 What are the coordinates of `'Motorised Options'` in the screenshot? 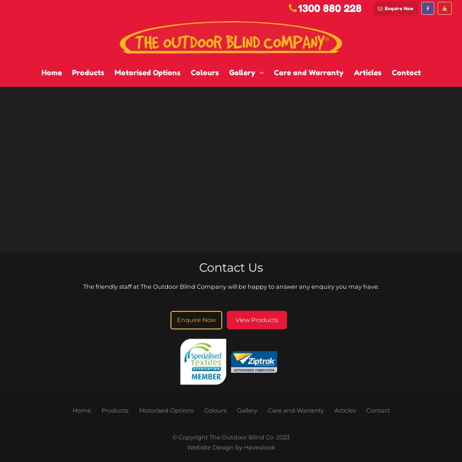 It's located at (139, 410).